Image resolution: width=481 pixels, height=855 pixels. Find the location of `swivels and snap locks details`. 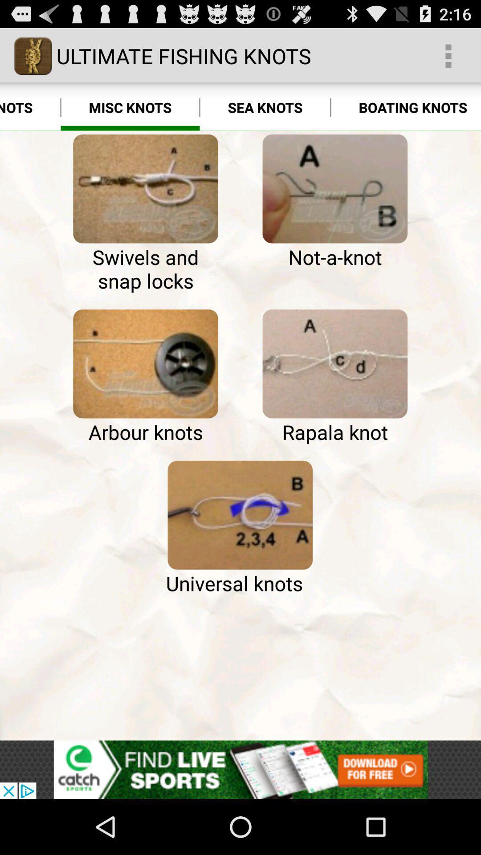

swivels and snap locks details is located at coordinates (145, 188).